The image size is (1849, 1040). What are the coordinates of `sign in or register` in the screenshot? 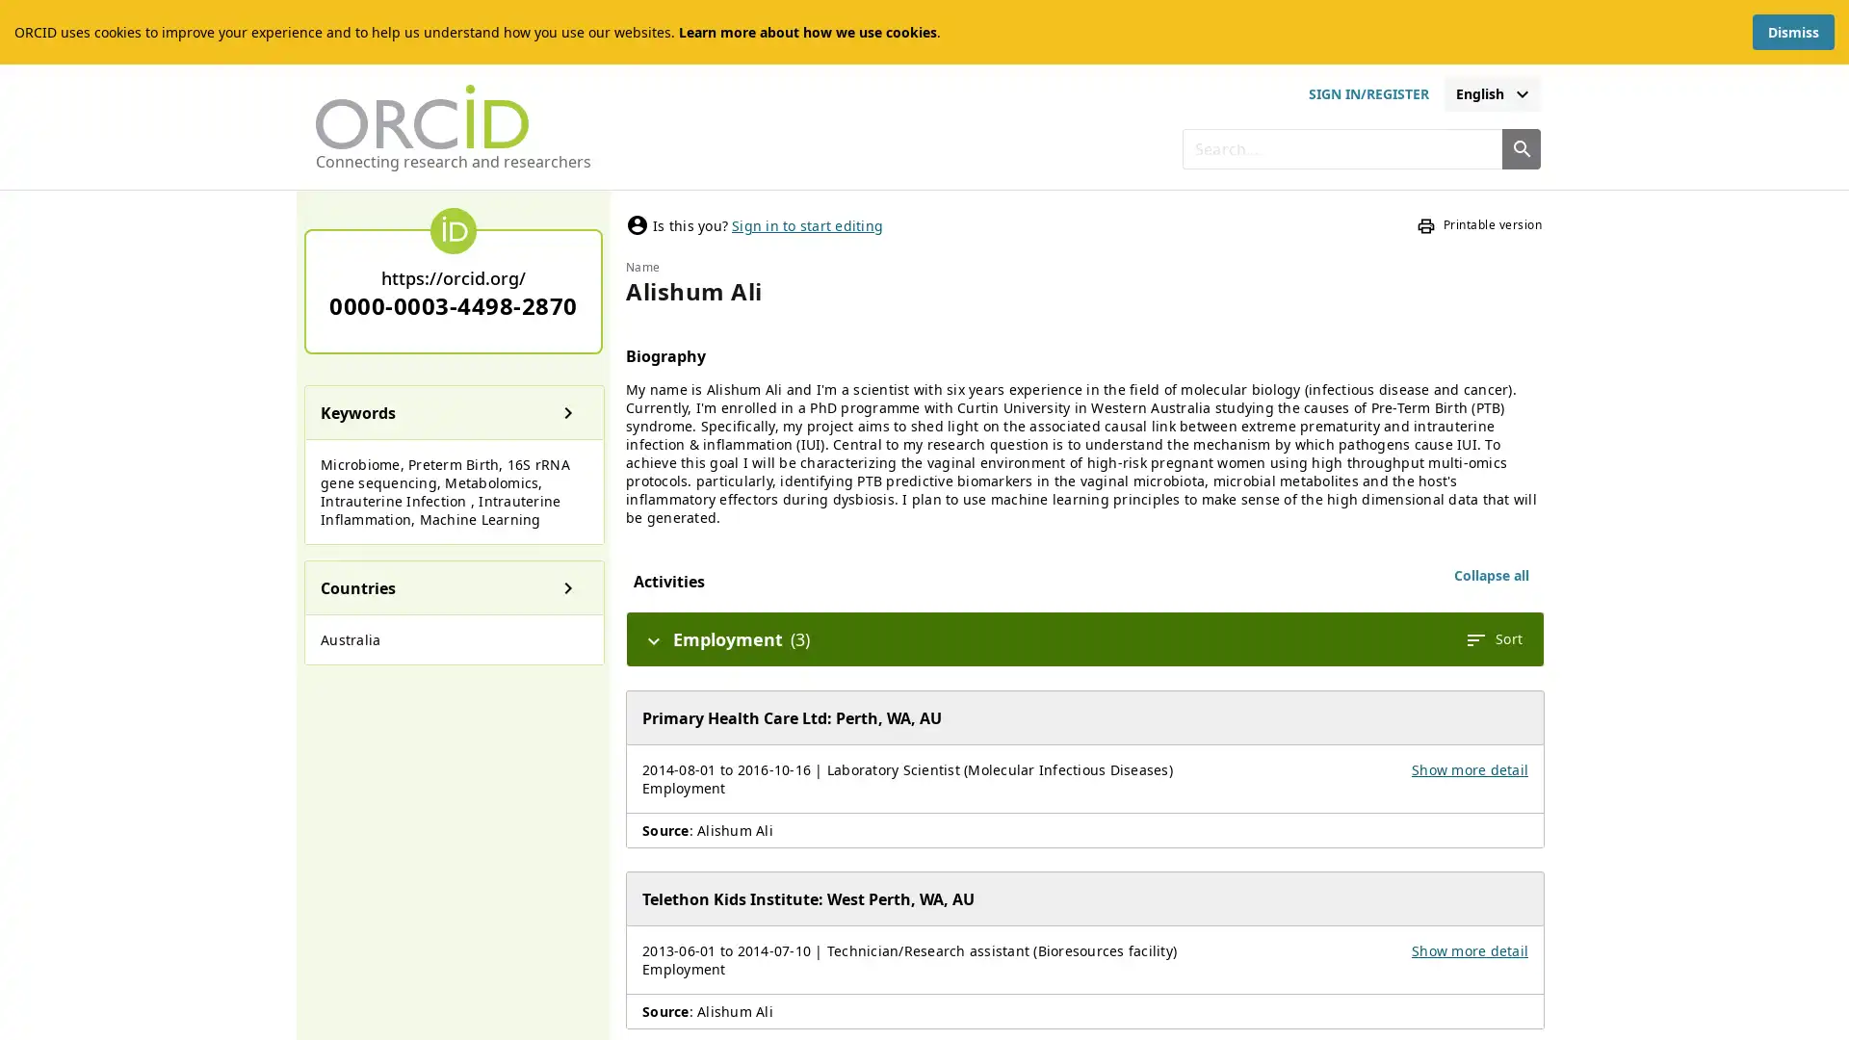 It's located at (1367, 93).